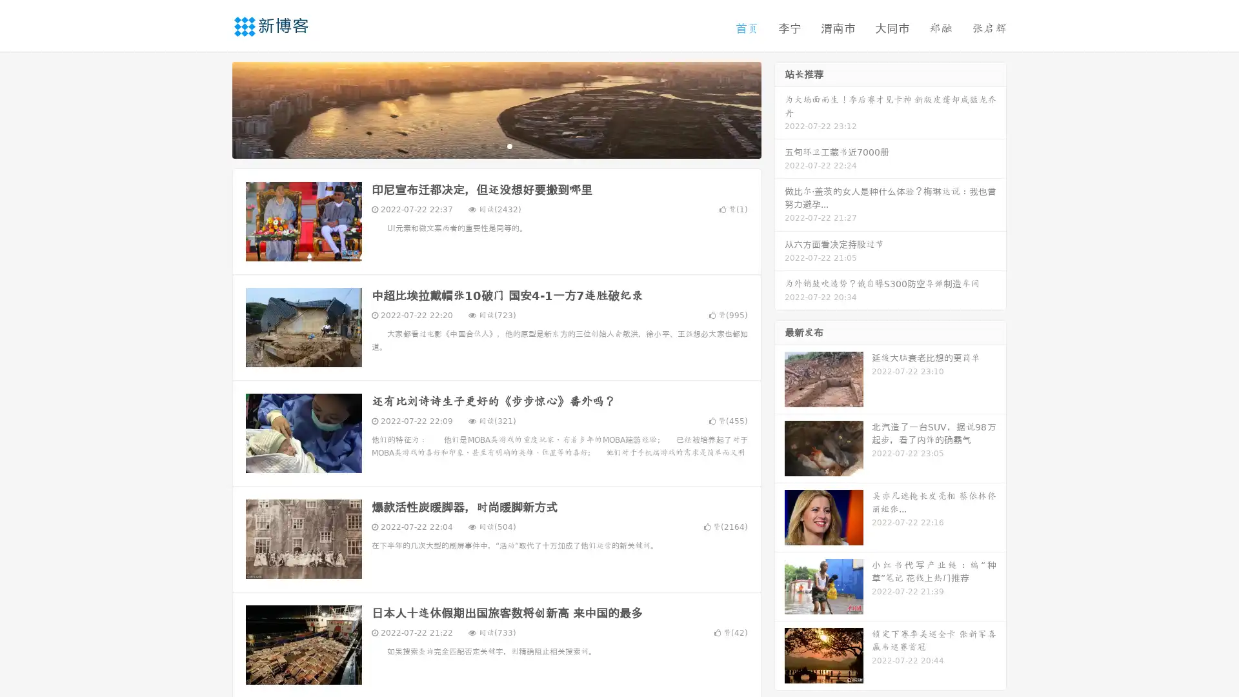 The image size is (1239, 697). What do you see at coordinates (509, 145) in the screenshot?
I see `Go to slide 3` at bounding box center [509, 145].